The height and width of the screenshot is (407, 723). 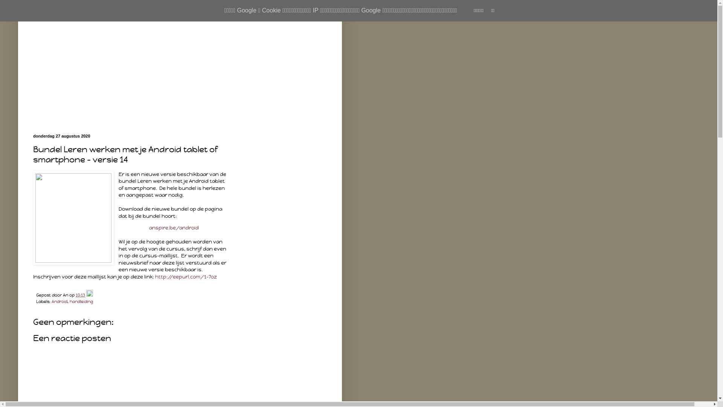 I want to click on 'anspire.be/android', so click(x=173, y=227).